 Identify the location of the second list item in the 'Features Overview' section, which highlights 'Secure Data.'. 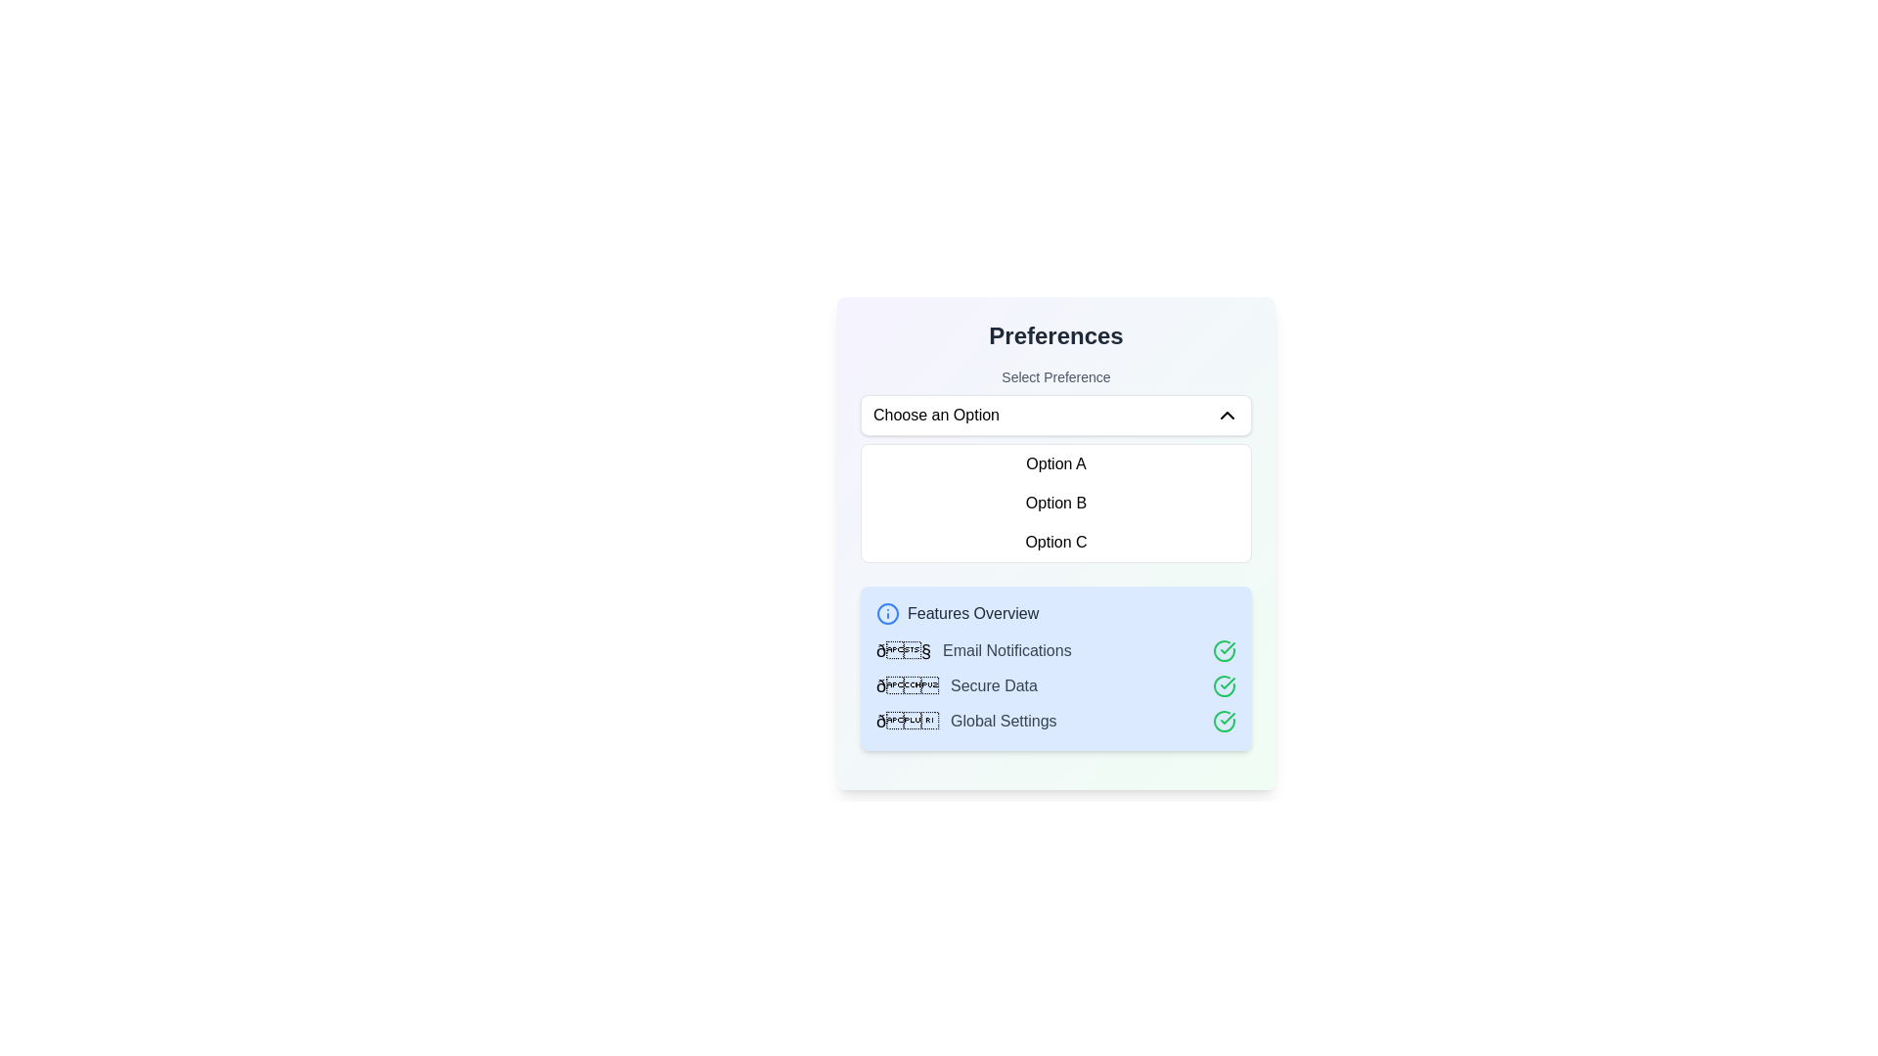
(1055, 685).